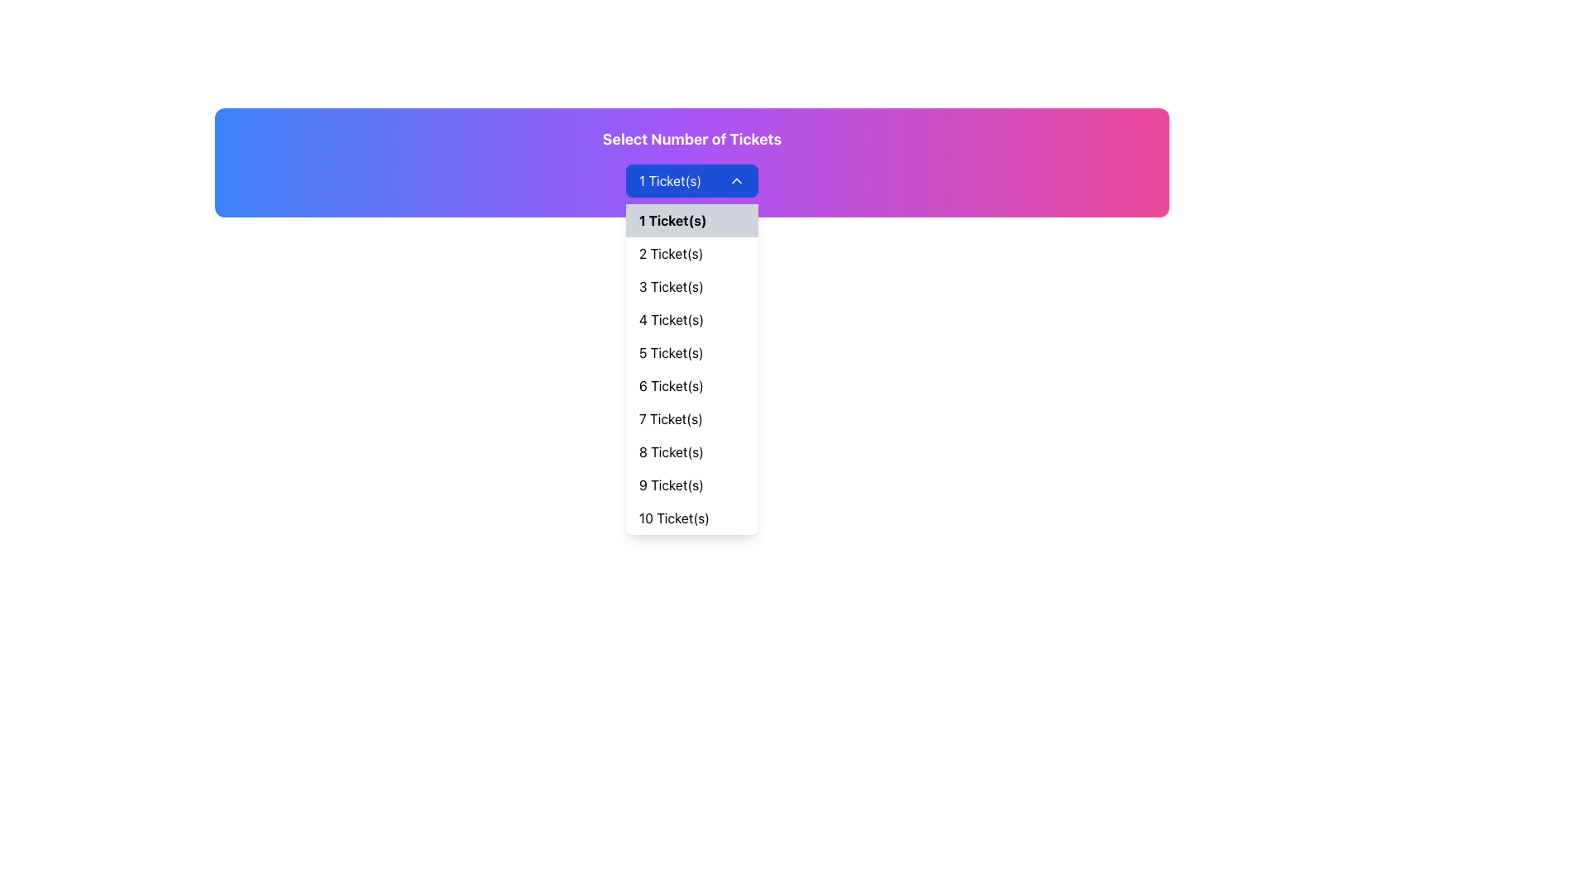  Describe the element at coordinates (691, 352) in the screenshot. I see `the fifth selectable list option labeled '5 Ticket(s)' in the dropdown list for highlighting` at that location.